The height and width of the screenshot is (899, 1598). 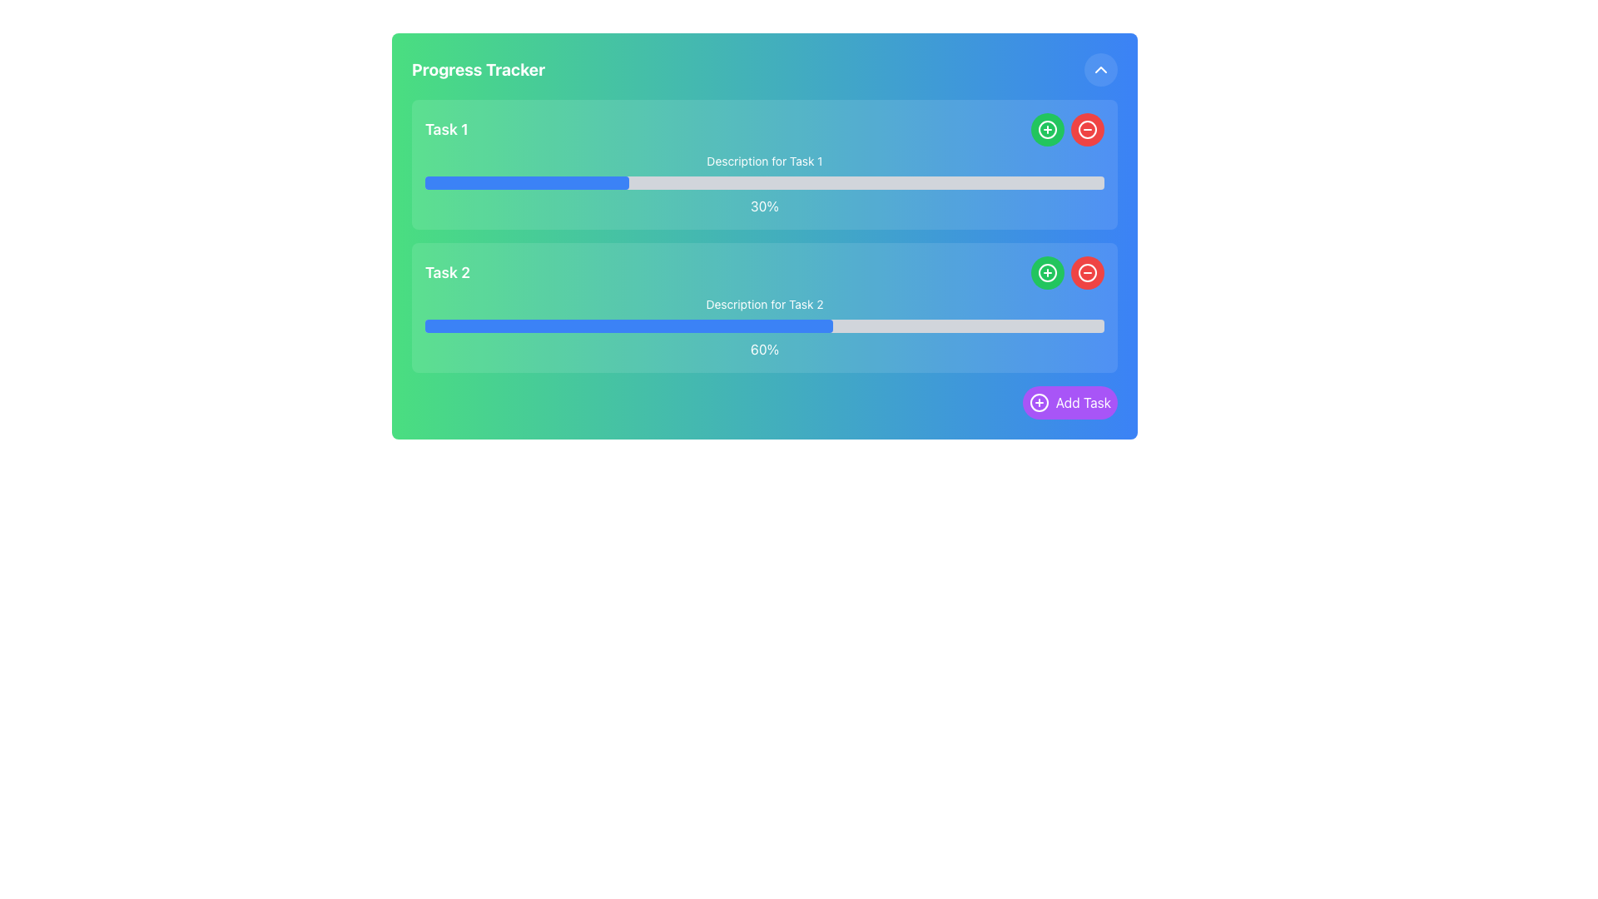 What do you see at coordinates (763, 182) in the screenshot?
I see `the progress bar representing the completion of 'Task 1', which visually displays a blue fill and a percentage of '30%' below it` at bounding box center [763, 182].